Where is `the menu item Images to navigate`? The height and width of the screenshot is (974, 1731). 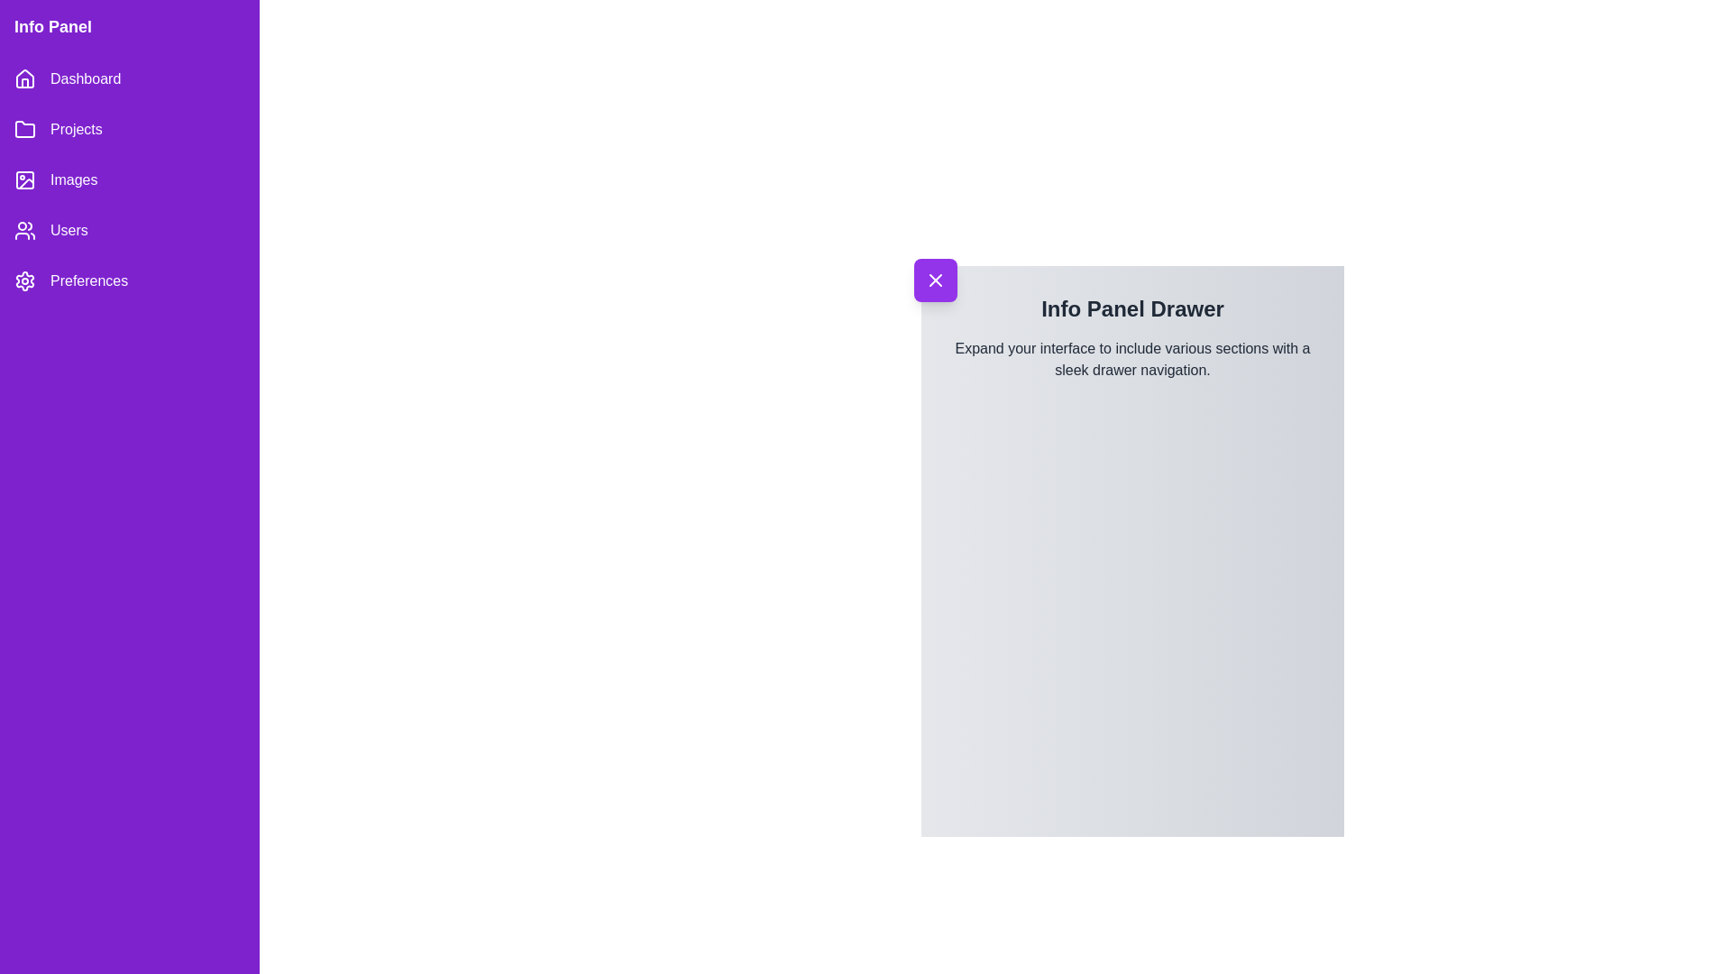
the menu item Images to navigate is located at coordinates (129, 180).